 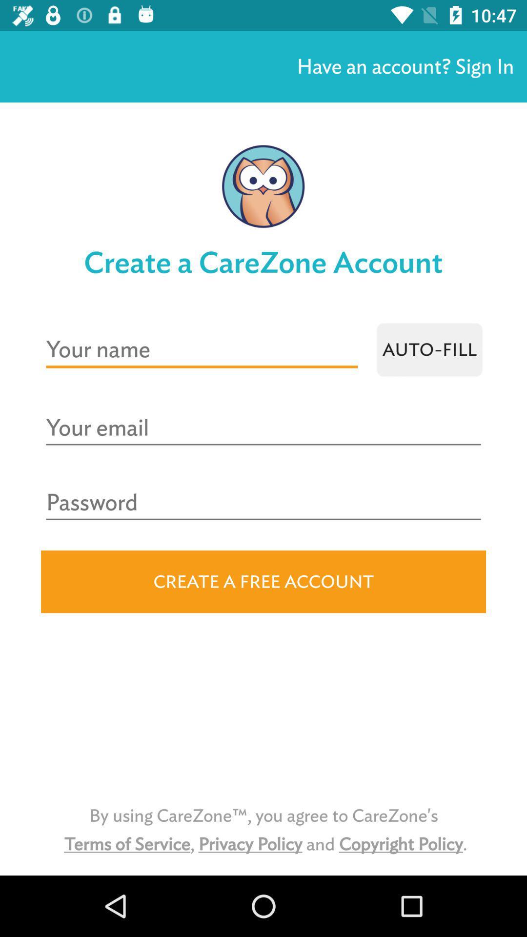 I want to click on email, so click(x=263, y=428).